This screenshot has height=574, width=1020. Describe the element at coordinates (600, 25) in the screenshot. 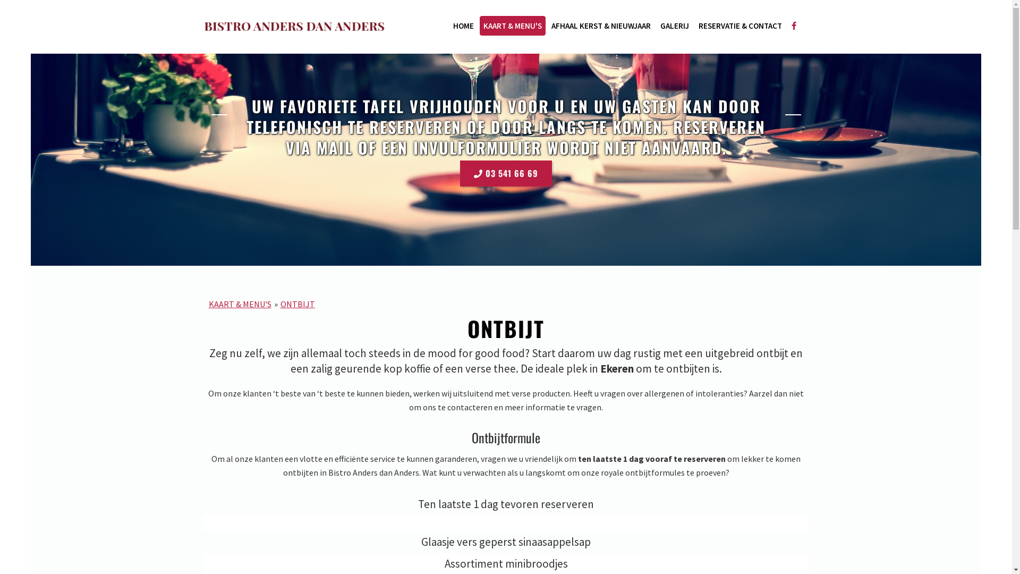

I see `'AFHAAL KERST & NIEUWJAAR'` at that location.